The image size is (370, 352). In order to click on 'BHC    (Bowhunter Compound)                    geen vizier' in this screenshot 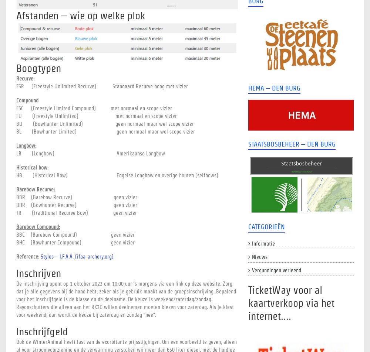, I will do `click(75, 242)`.